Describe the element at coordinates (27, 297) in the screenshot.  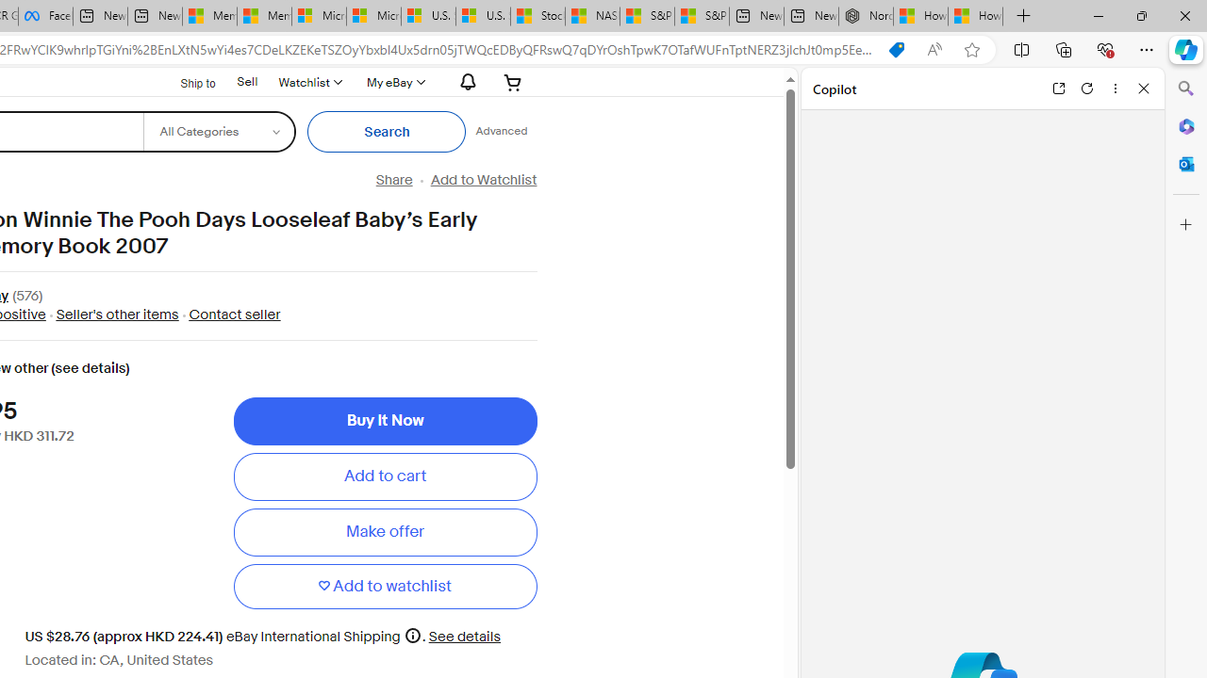
I see `'(576)'` at that location.